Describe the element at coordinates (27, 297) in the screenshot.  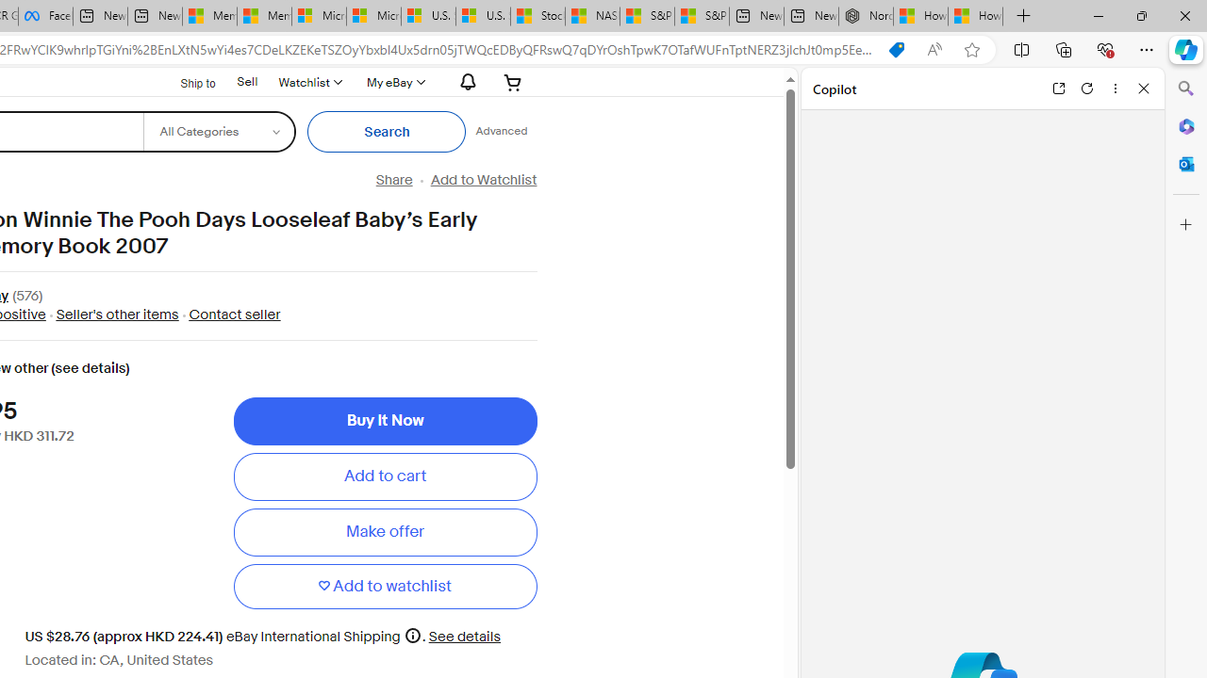
I see `'(576)'` at that location.